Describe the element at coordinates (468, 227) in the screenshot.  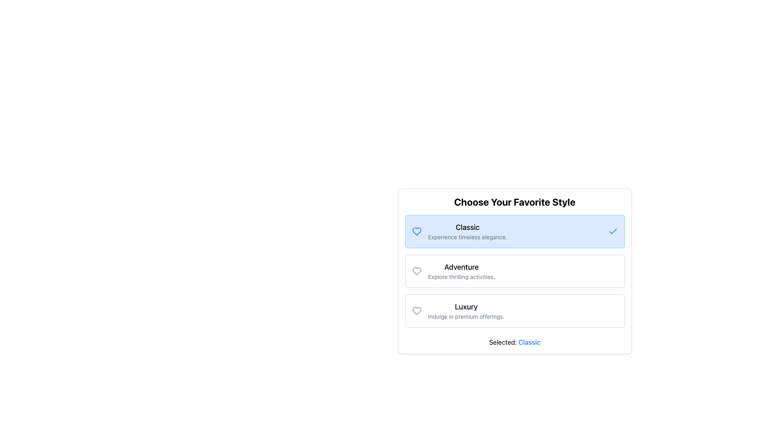
I see `the light blue selection area surrounding the 'Classic' text label to choose this option` at that location.